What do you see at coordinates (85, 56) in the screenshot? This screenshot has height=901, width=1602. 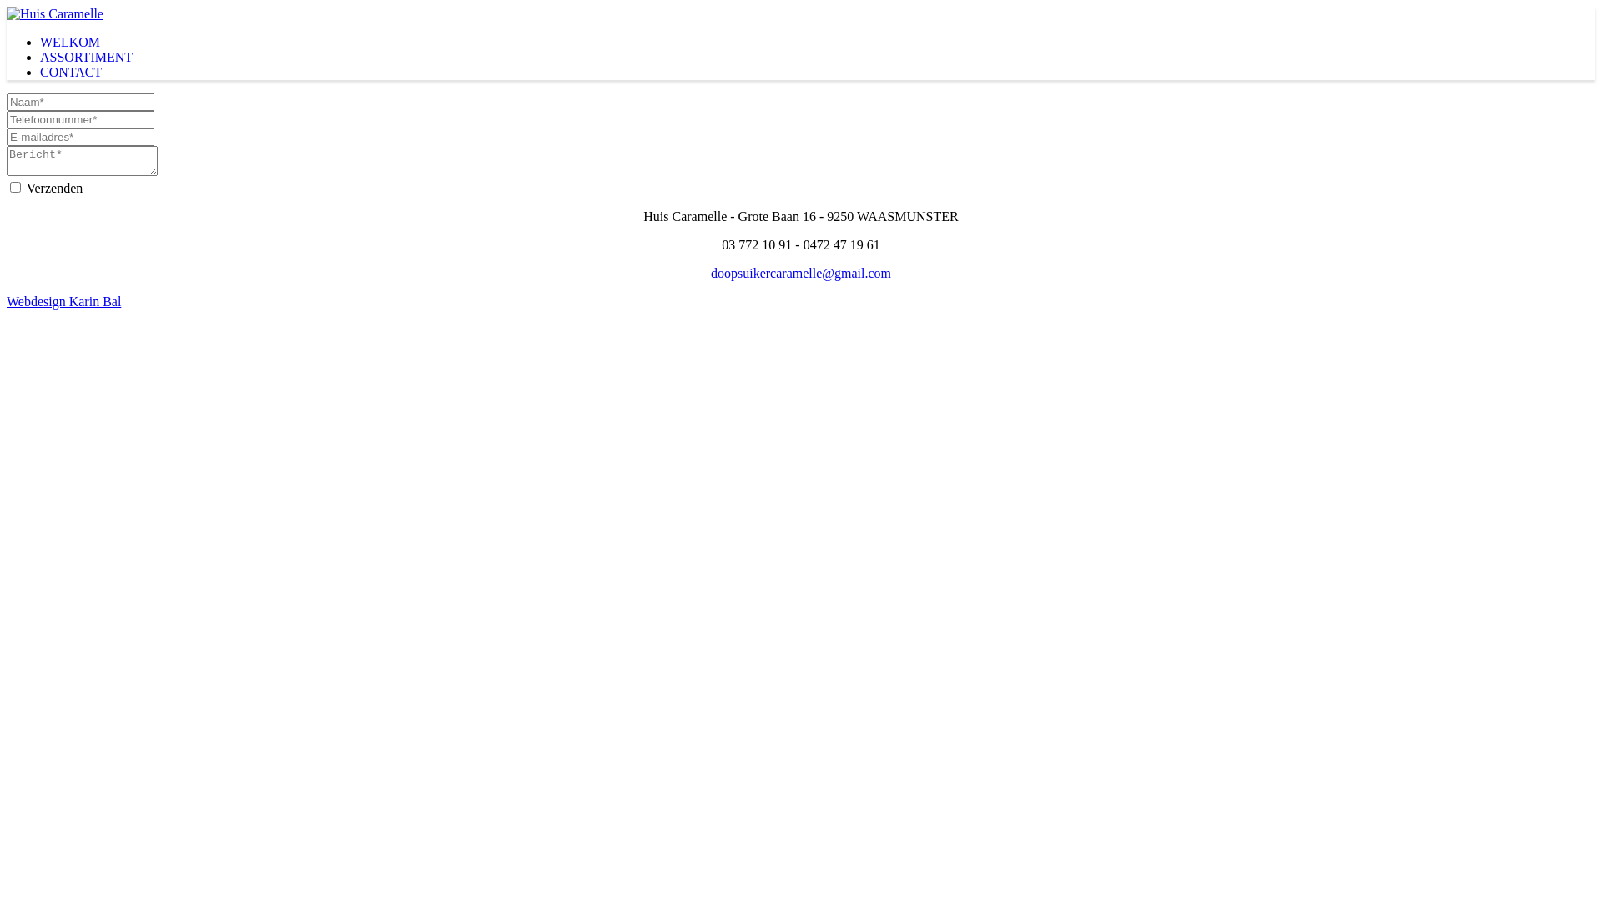 I see `'ASSORTIMENT'` at bounding box center [85, 56].